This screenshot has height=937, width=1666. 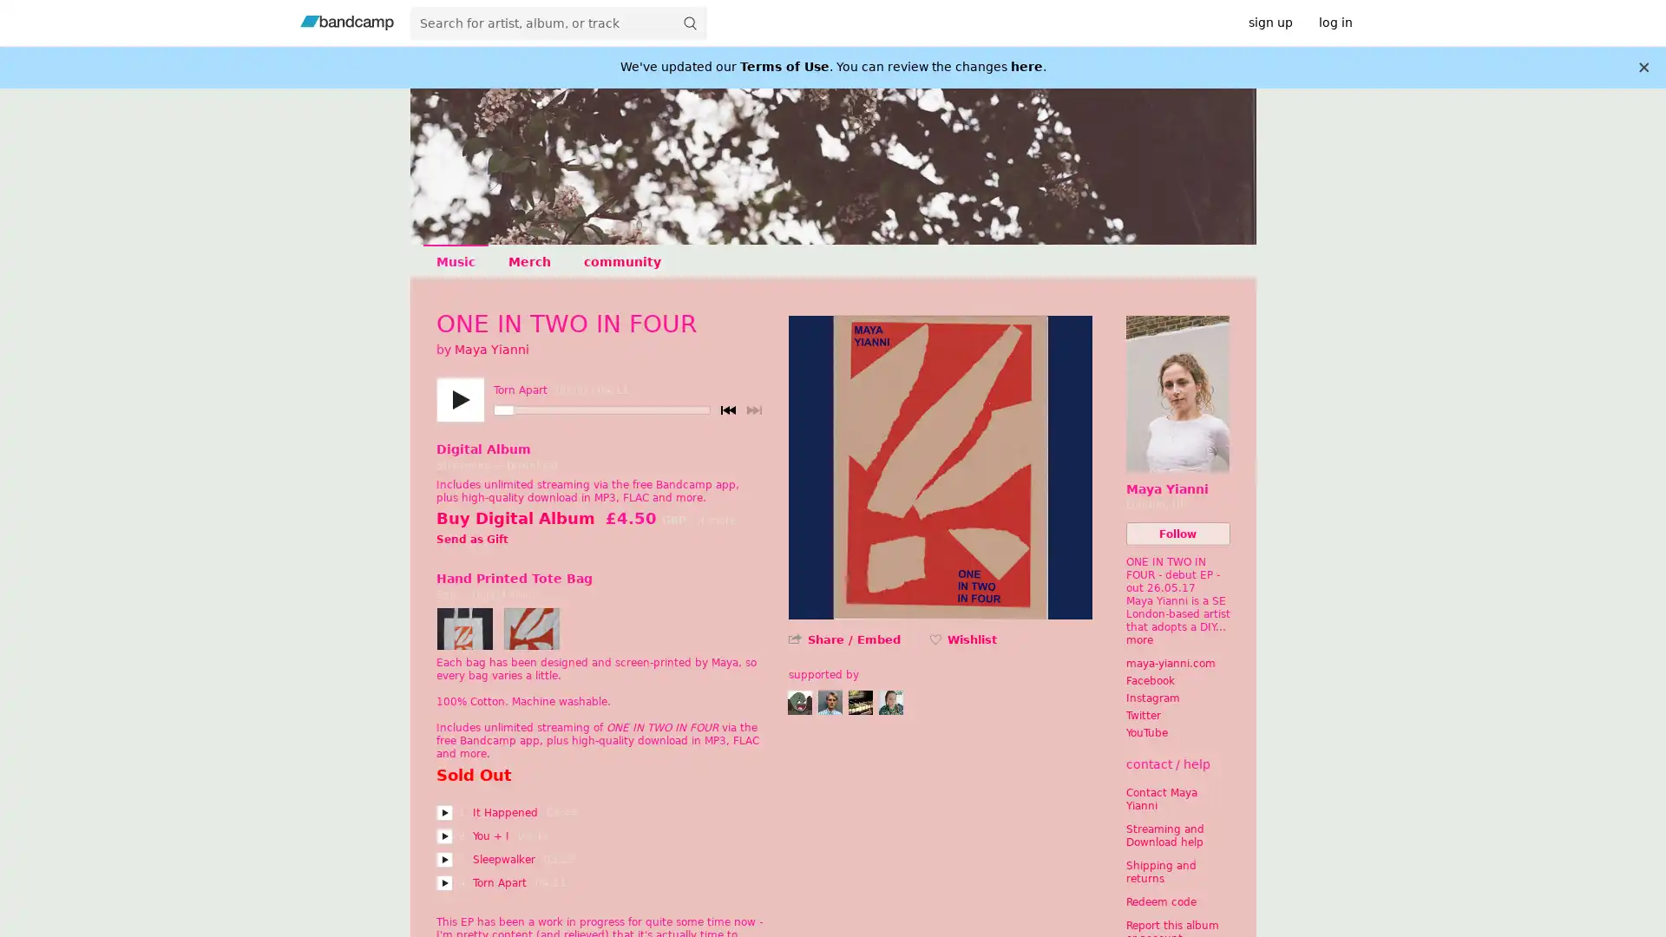 What do you see at coordinates (727, 410) in the screenshot?
I see `Previous track` at bounding box center [727, 410].